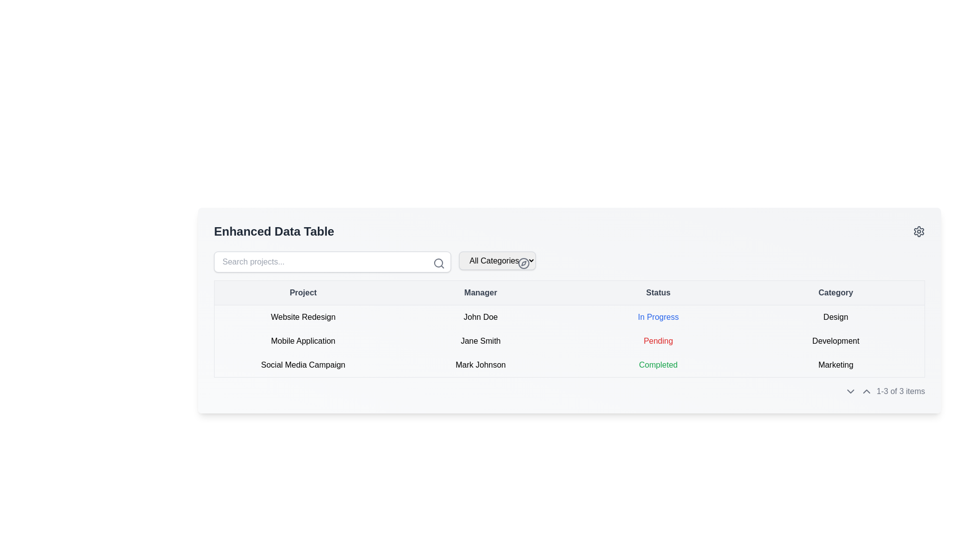 The height and width of the screenshot is (538, 958). Describe the element at coordinates (658, 292) in the screenshot. I see `the 'Status' column header which serves as a label for the table contents, positioned centrally in a row of four items` at that location.